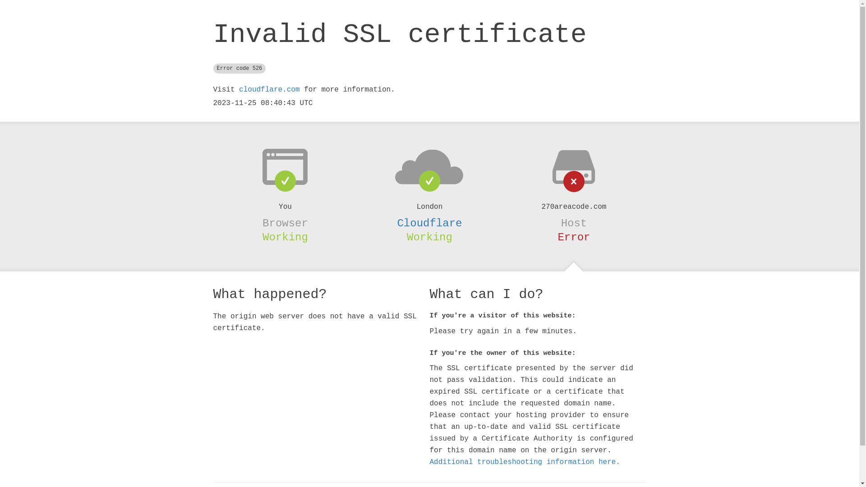  What do you see at coordinates (268, 90) in the screenshot?
I see `'cloudflare.com'` at bounding box center [268, 90].